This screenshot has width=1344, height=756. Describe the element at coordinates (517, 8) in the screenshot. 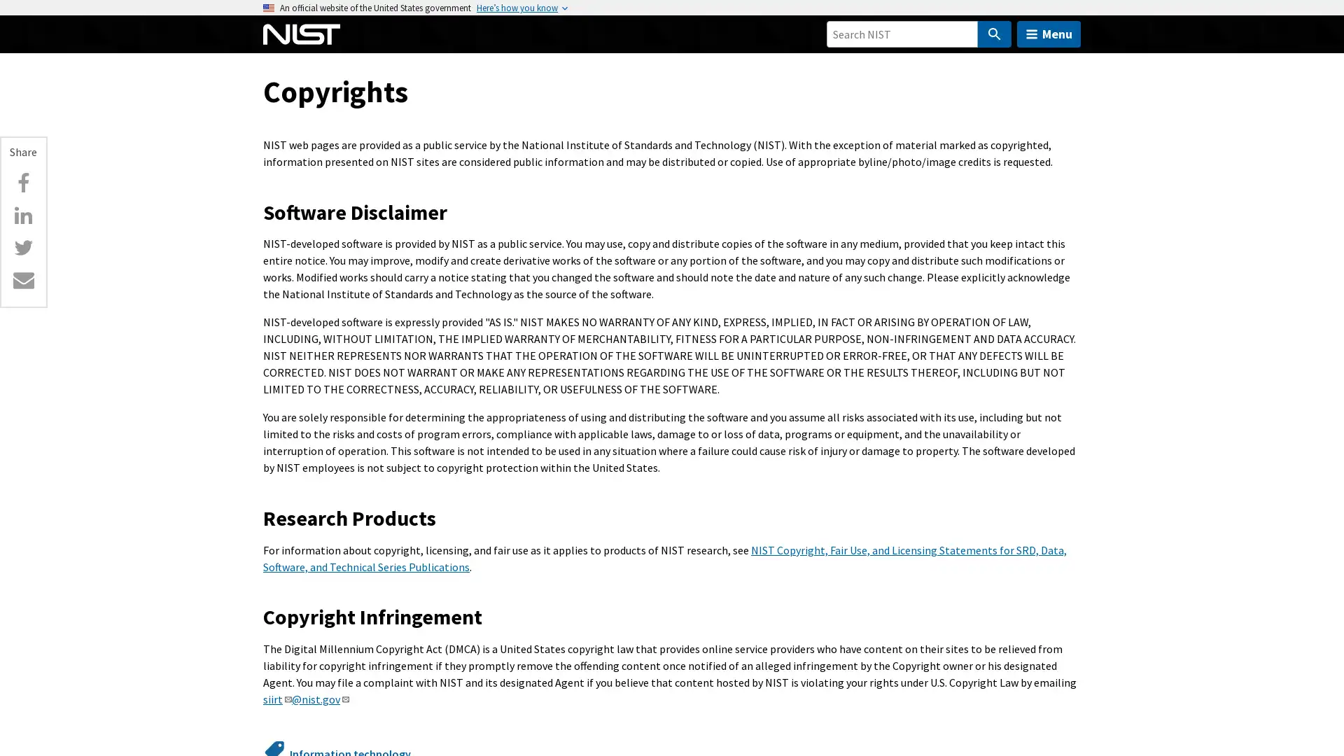

I see `Heres how you know` at that location.